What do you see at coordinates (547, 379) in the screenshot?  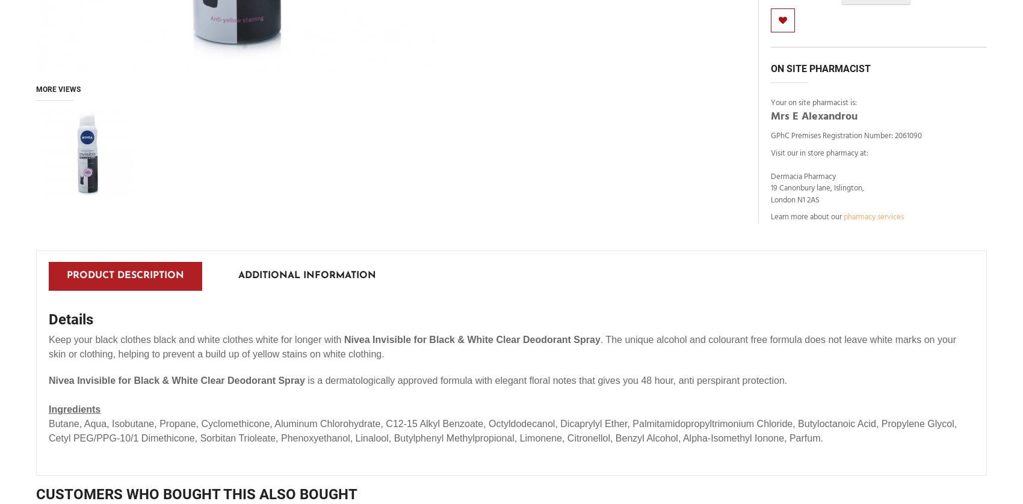 I see `'is a dermatologically approved formula with elegant floral notes that gives you 48 hour, anti perspirant protection.'` at bounding box center [547, 379].